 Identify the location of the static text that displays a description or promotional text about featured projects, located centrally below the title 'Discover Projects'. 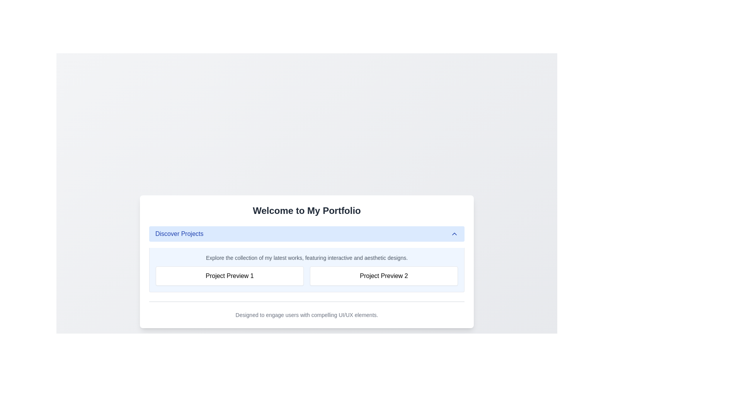
(306, 258).